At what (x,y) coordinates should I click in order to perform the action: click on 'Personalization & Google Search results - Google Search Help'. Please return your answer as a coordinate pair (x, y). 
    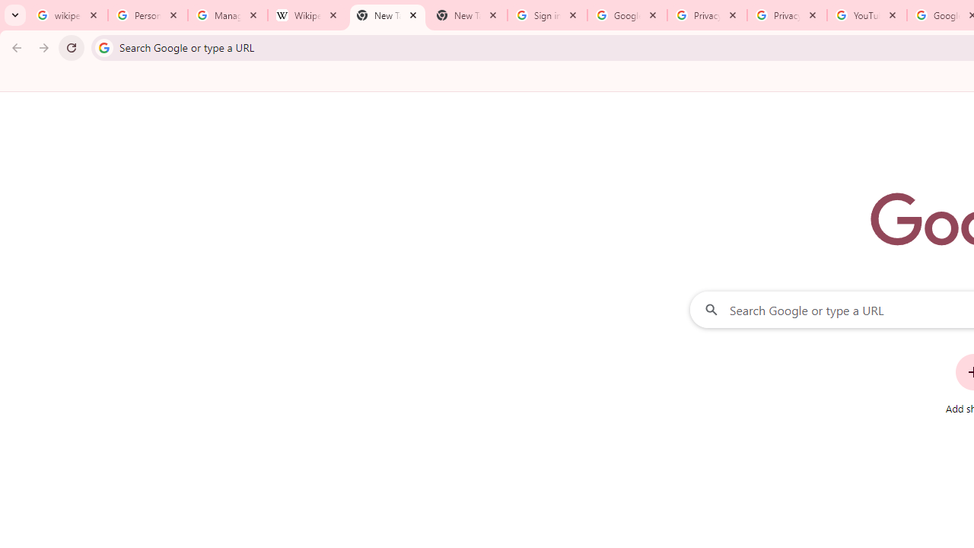
    Looking at the image, I should click on (148, 15).